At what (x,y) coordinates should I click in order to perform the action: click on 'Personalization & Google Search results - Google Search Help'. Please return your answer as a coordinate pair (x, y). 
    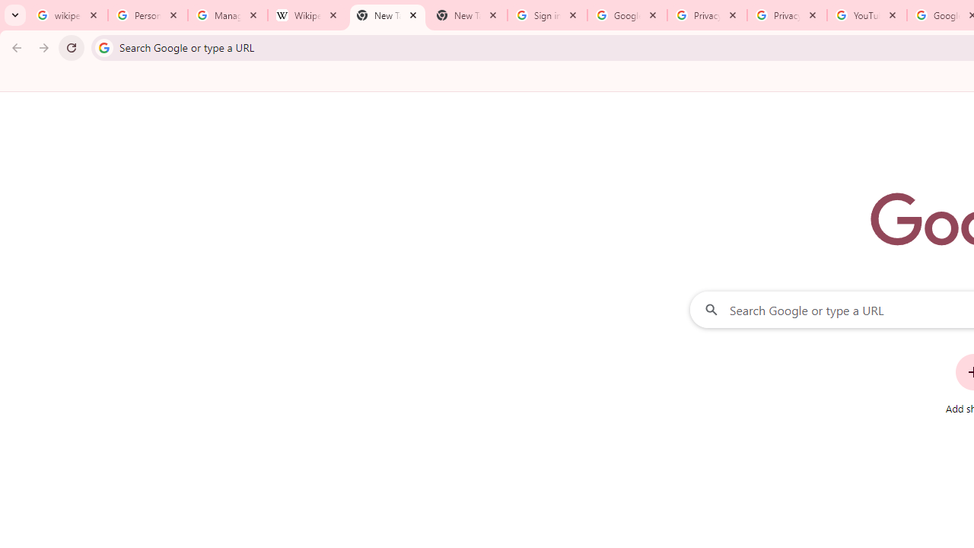
    Looking at the image, I should click on (148, 15).